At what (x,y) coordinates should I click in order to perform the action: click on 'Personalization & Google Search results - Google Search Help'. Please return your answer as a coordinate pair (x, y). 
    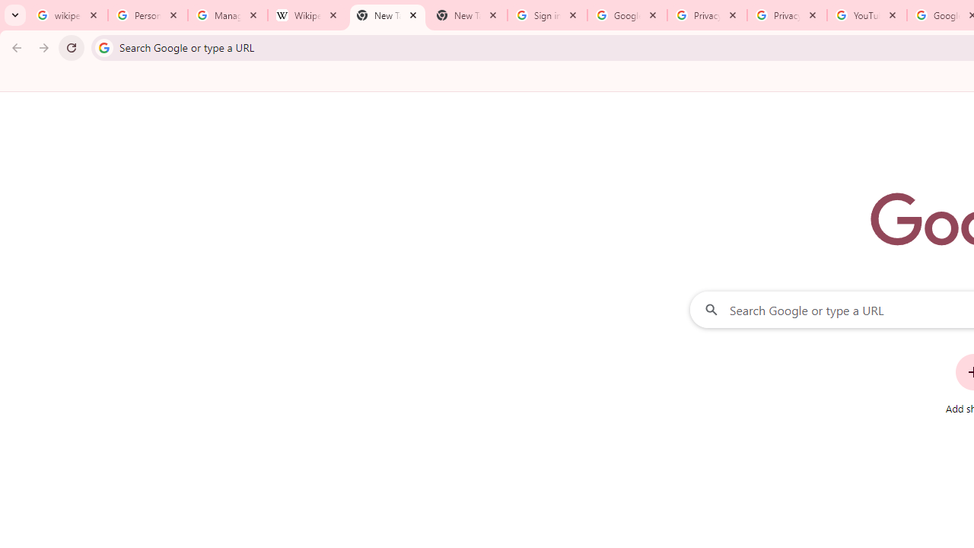
    Looking at the image, I should click on (148, 15).